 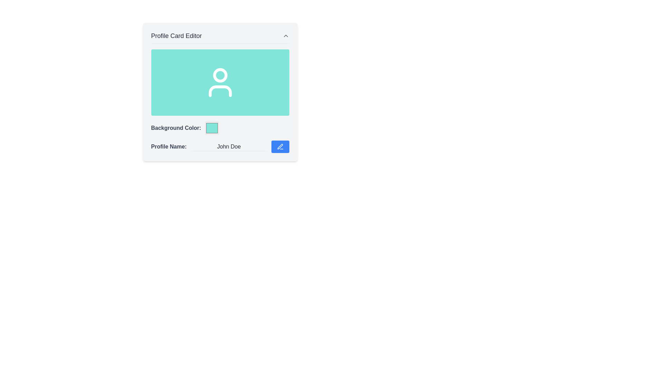 I want to click on the user silhouette icon, which is depicted in white with a circular head and torso on a light teal background, centered within the header section of the profile card component, so click(x=220, y=82).